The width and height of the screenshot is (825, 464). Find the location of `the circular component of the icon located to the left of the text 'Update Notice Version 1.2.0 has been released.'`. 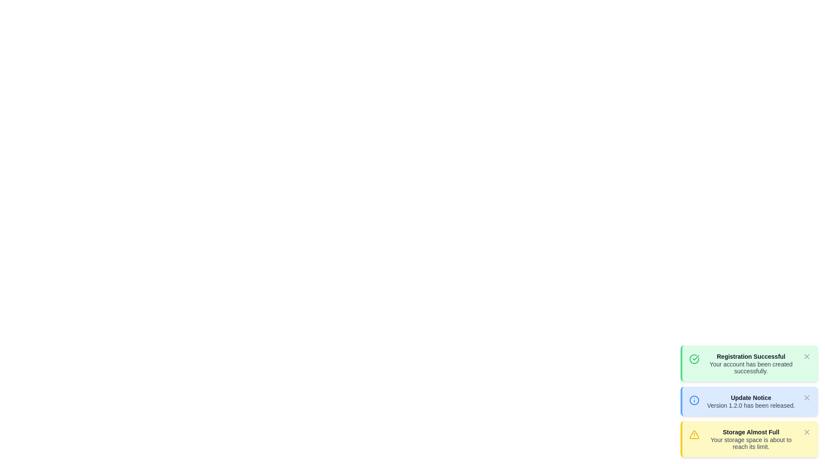

the circular component of the icon located to the left of the text 'Update Notice Version 1.2.0 has been released.' is located at coordinates (694, 400).